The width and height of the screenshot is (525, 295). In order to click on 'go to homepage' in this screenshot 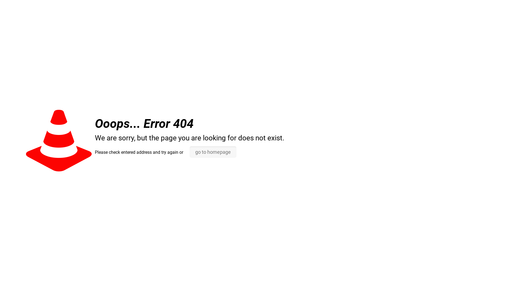, I will do `click(212, 152)`.